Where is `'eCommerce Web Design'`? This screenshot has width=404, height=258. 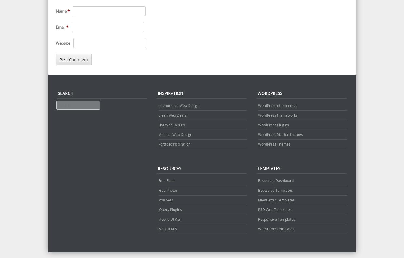 'eCommerce Web Design' is located at coordinates (178, 105).